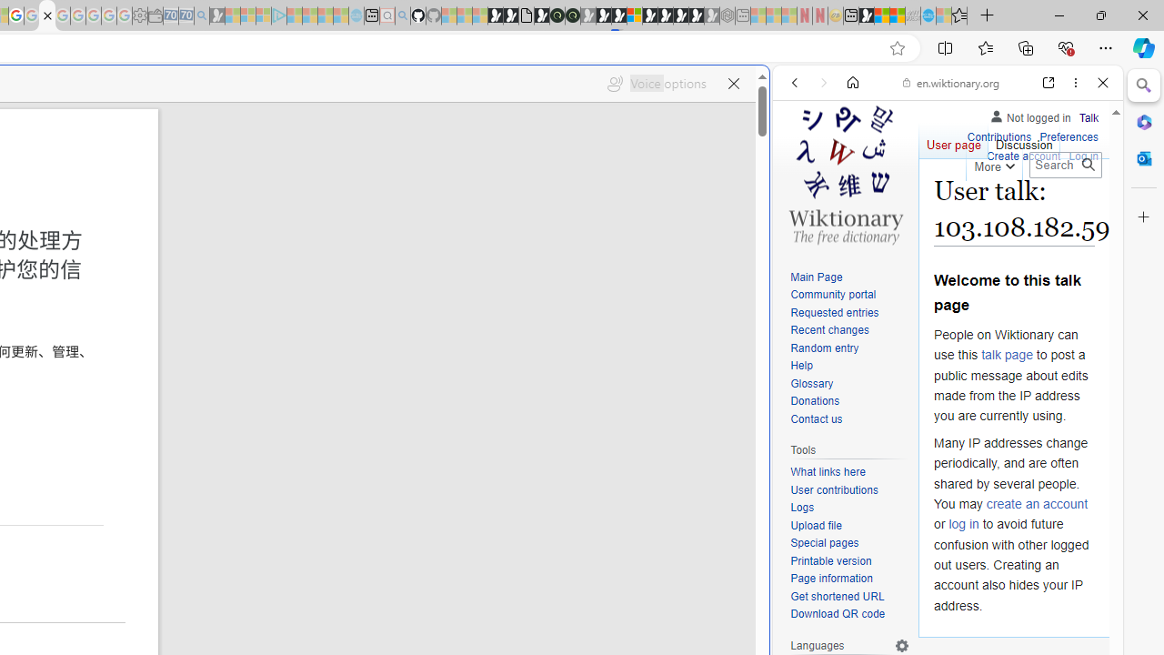 This screenshot has height=655, width=1164. I want to click on 'What links here', so click(827, 471).